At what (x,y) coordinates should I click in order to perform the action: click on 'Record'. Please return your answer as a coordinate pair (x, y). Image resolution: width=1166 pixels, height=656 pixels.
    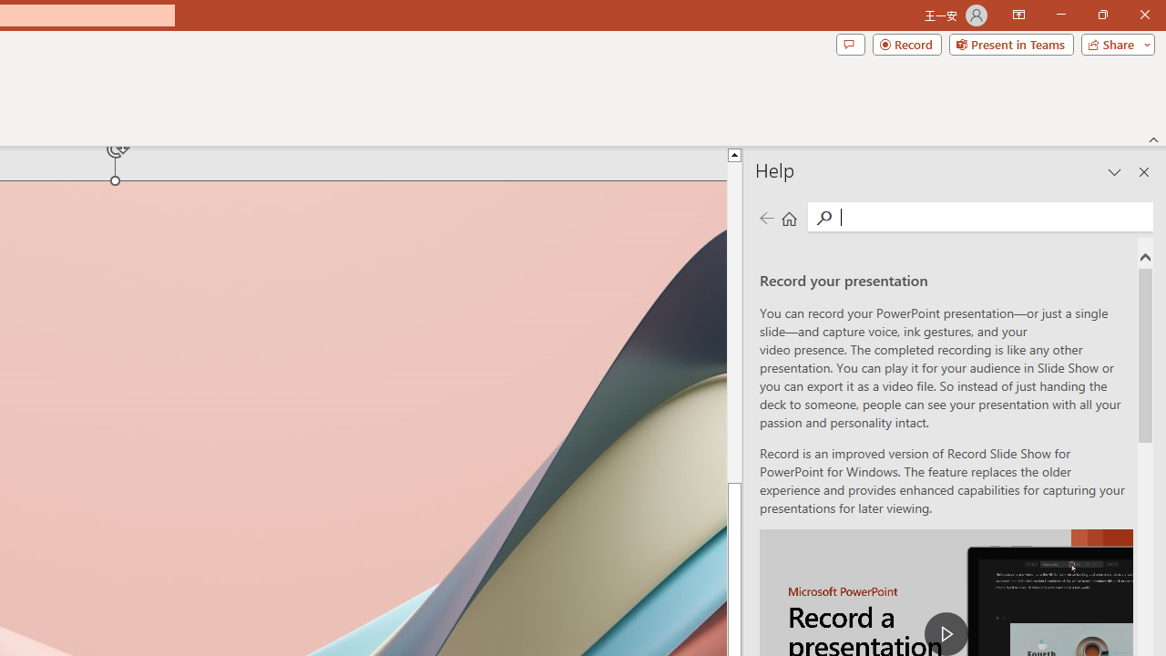
    Looking at the image, I should click on (906, 43).